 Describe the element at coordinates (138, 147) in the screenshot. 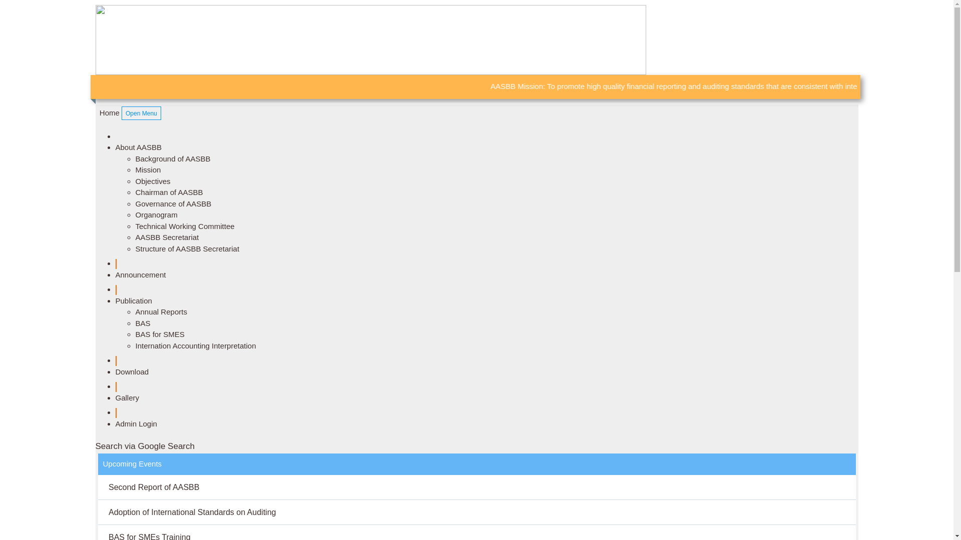

I see `'About AASBB'` at that location.